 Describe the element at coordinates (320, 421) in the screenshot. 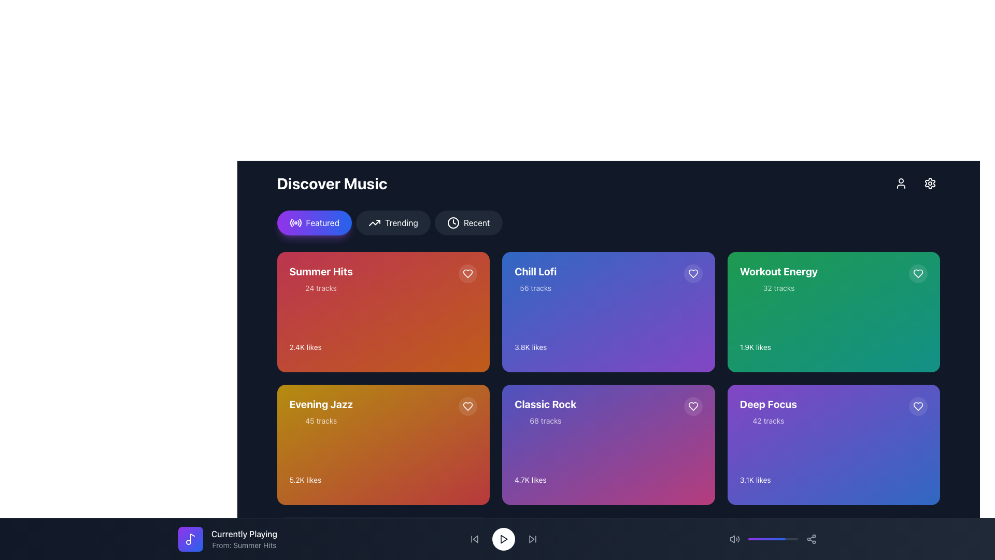

I see `the text label displaying '45 tracks' located below the title 'Evening Jazz' in the bottom-left quadrant of the 'Discover Music' section` at that location.